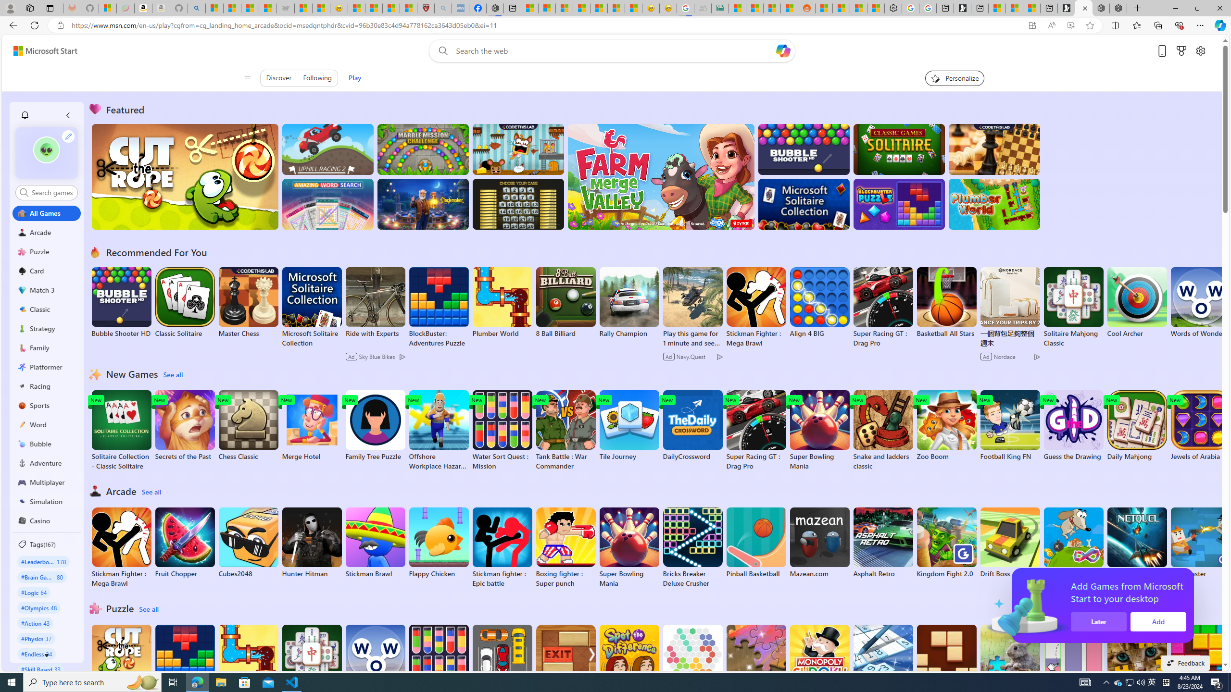 This screenshot has height=692, width=1231. Describe the element at coordinates (247, 543) in the screenshot. I see `'Cubes2048'` at that location.